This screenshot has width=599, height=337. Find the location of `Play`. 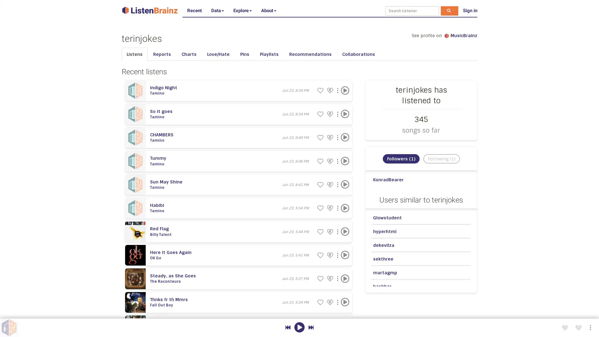

Play is located at coordinates (344, 184).